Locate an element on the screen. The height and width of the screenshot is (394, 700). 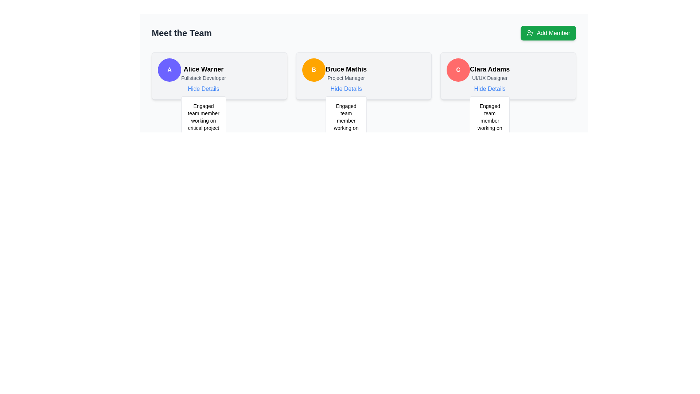
the interactive text link for toggling additional details about Clara Adams, located below the role description 'UI/UX Designer' is located at coordinates (490, 88).